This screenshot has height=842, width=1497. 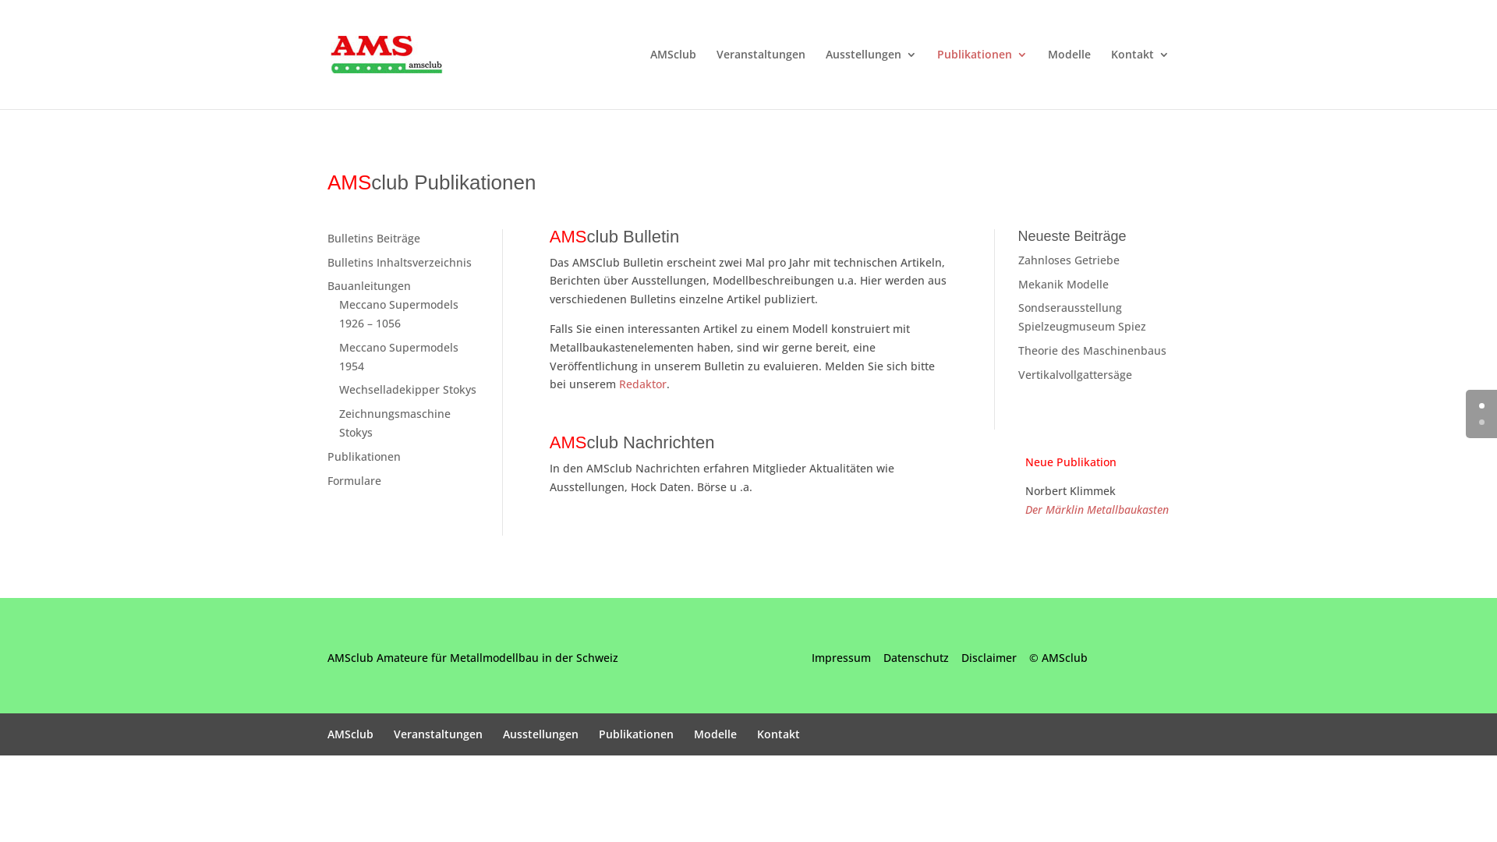 What do you see at coordinates (916, 657) in the screenshot?
I see `'Datenschutz'` at bounding box center [916, 657].